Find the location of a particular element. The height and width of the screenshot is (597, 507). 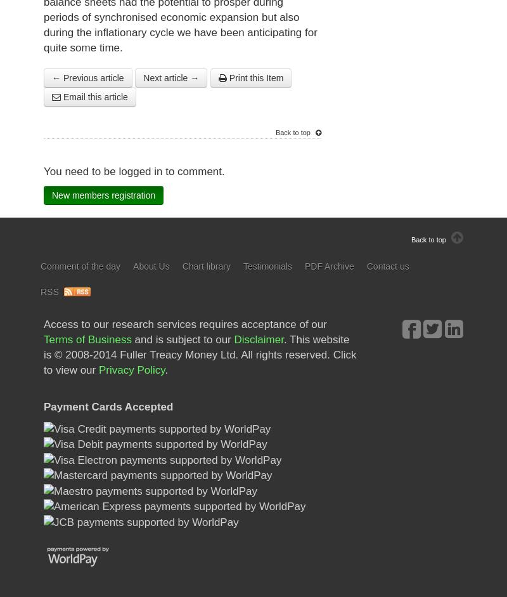

'Next article →' is located at coordinates (171, 77).